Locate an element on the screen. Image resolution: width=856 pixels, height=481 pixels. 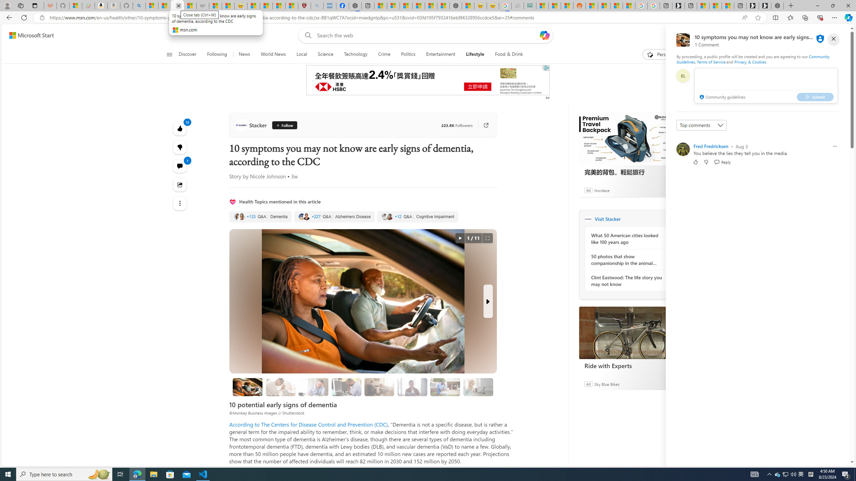
'Discover' is located at coordinates (190, 54).